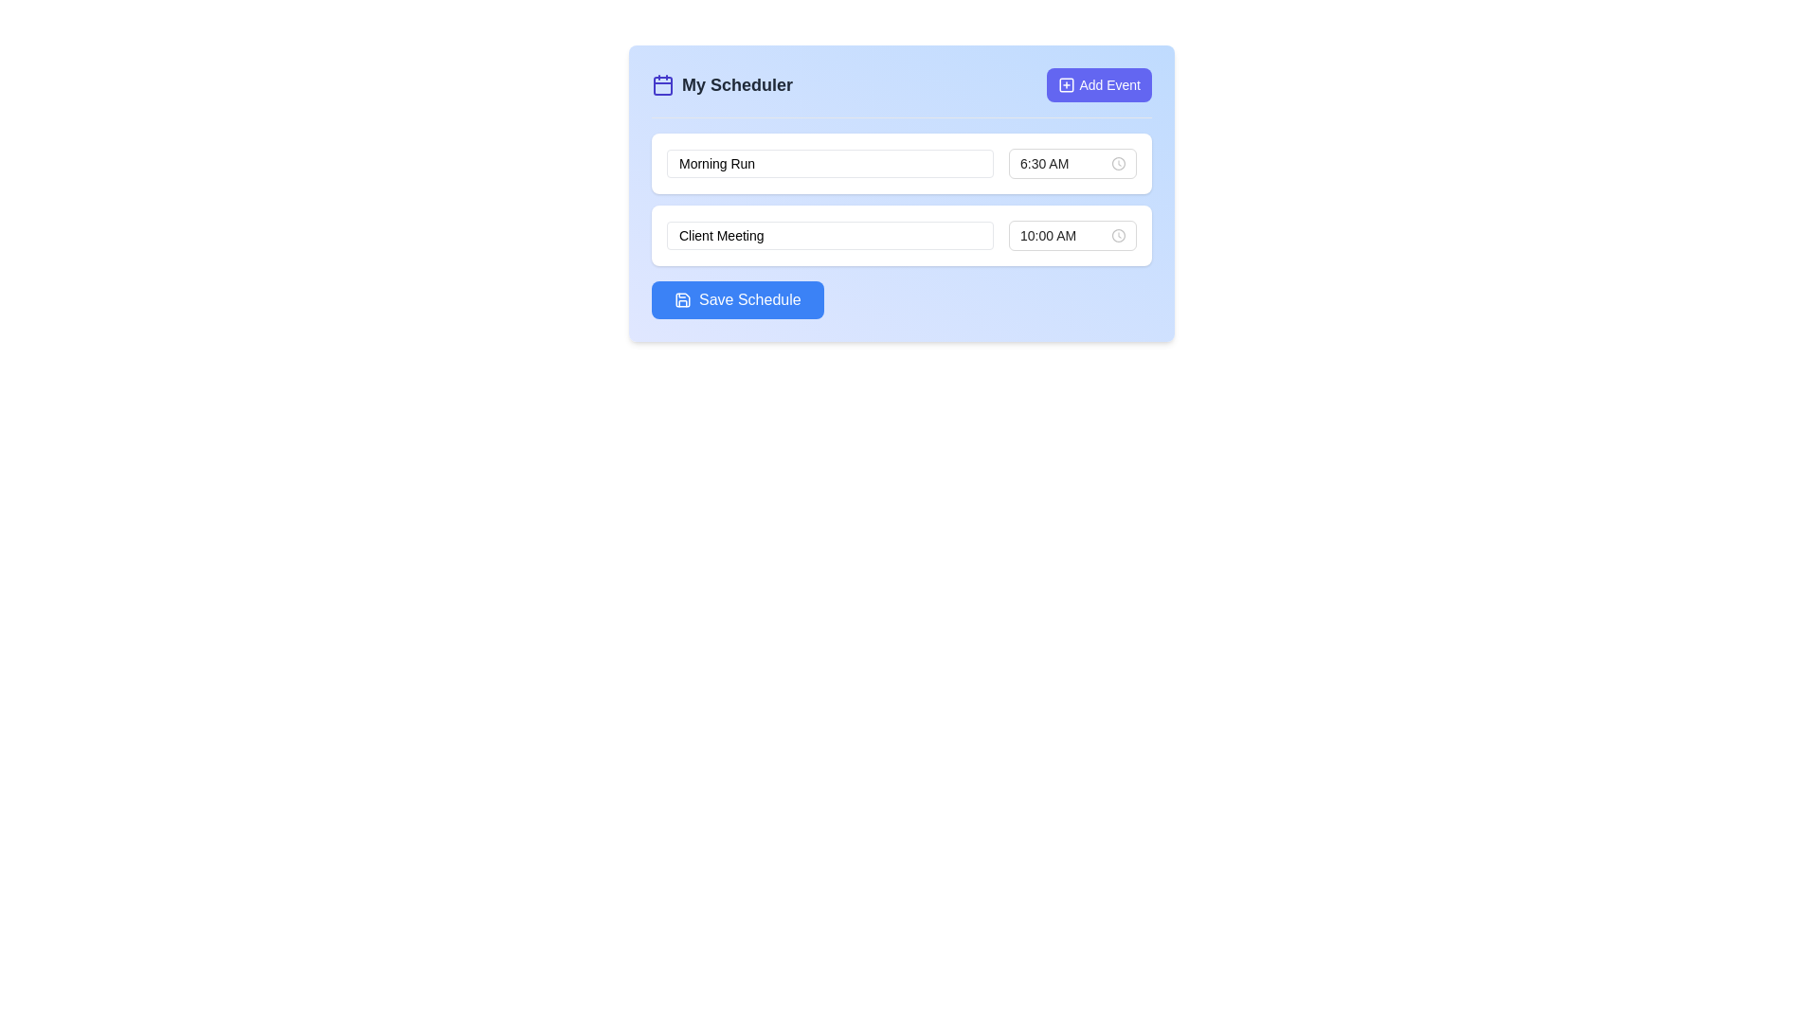 This screenshot has width=1819, height=1023. Describe the element at coordinates (663, 86) in the screenshot. I see `the calendar icon located in the top-left section of the interface, next to the text 'My Scheduler', which serves as the primary graphical representation of the calendar` at that location.